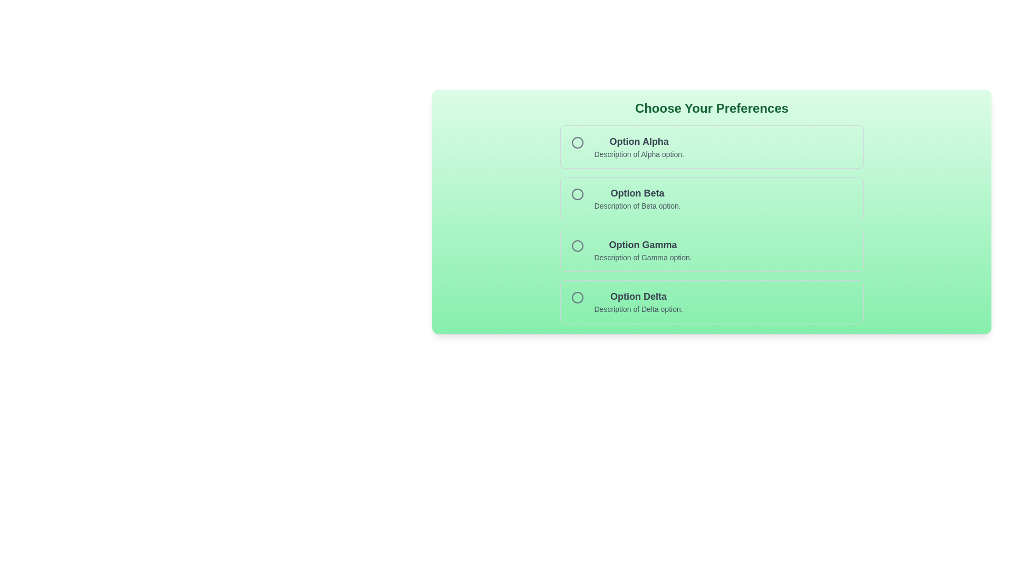 Image resolution: width=1012 pixels, height=569 pixels. I want to click on static text label located in the first option group under the heading 'Choose Your Preferences', positioned at the top-left section of the interface, so click(638, 141).